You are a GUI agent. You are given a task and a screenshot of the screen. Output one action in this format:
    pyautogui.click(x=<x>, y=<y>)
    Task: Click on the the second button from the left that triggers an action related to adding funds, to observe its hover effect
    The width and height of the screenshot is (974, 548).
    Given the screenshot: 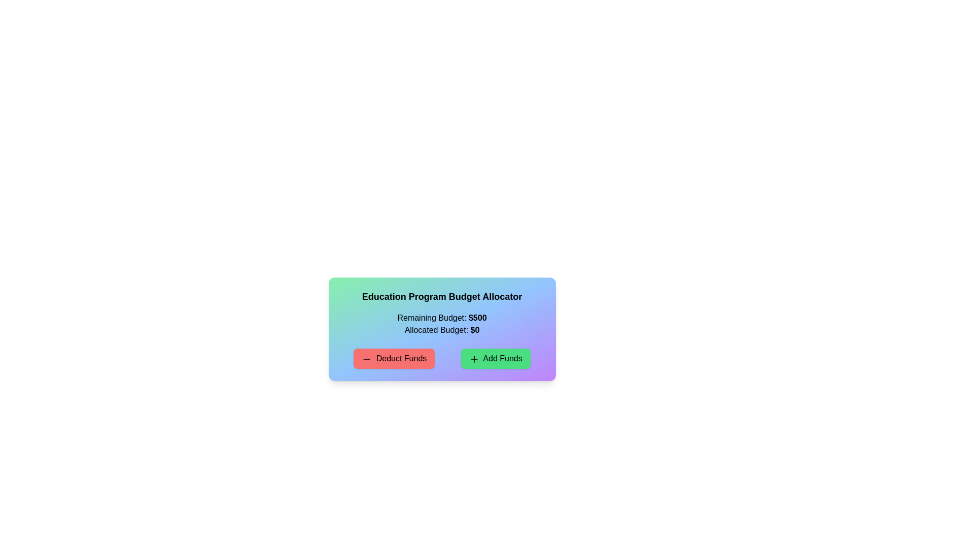 What is the action you would take?
    pyautogui.click(x=496, y=358)
    